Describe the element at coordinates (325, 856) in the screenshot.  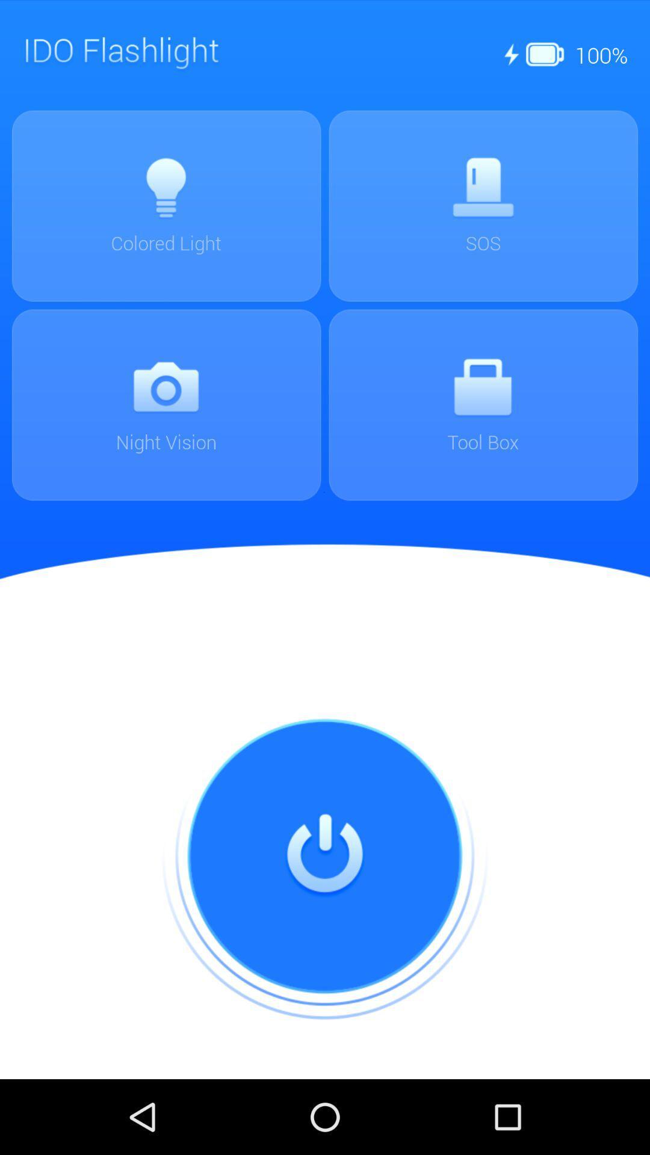
I see `the icon at the bottom` at that location.